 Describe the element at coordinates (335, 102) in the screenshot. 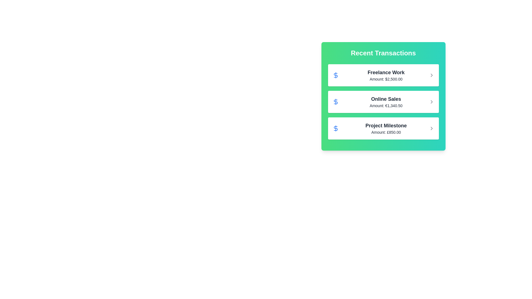

I see `the financial transaction icon located in the second row associated with 'Online Sales Amount: €1,340.50'` at that location.